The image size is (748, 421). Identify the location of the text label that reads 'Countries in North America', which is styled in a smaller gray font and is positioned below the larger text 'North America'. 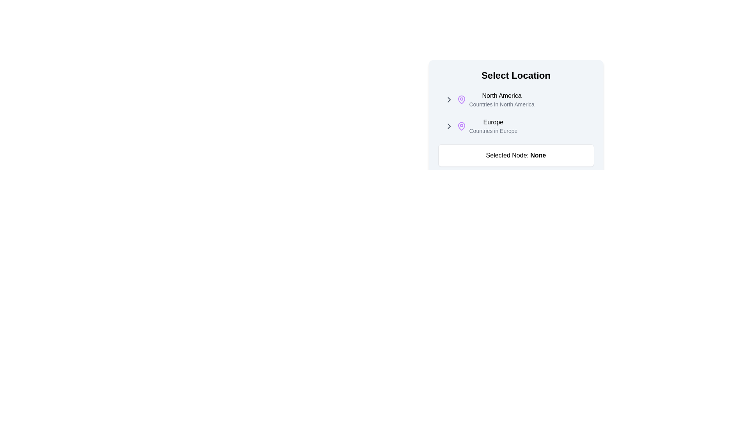
(502, 104).